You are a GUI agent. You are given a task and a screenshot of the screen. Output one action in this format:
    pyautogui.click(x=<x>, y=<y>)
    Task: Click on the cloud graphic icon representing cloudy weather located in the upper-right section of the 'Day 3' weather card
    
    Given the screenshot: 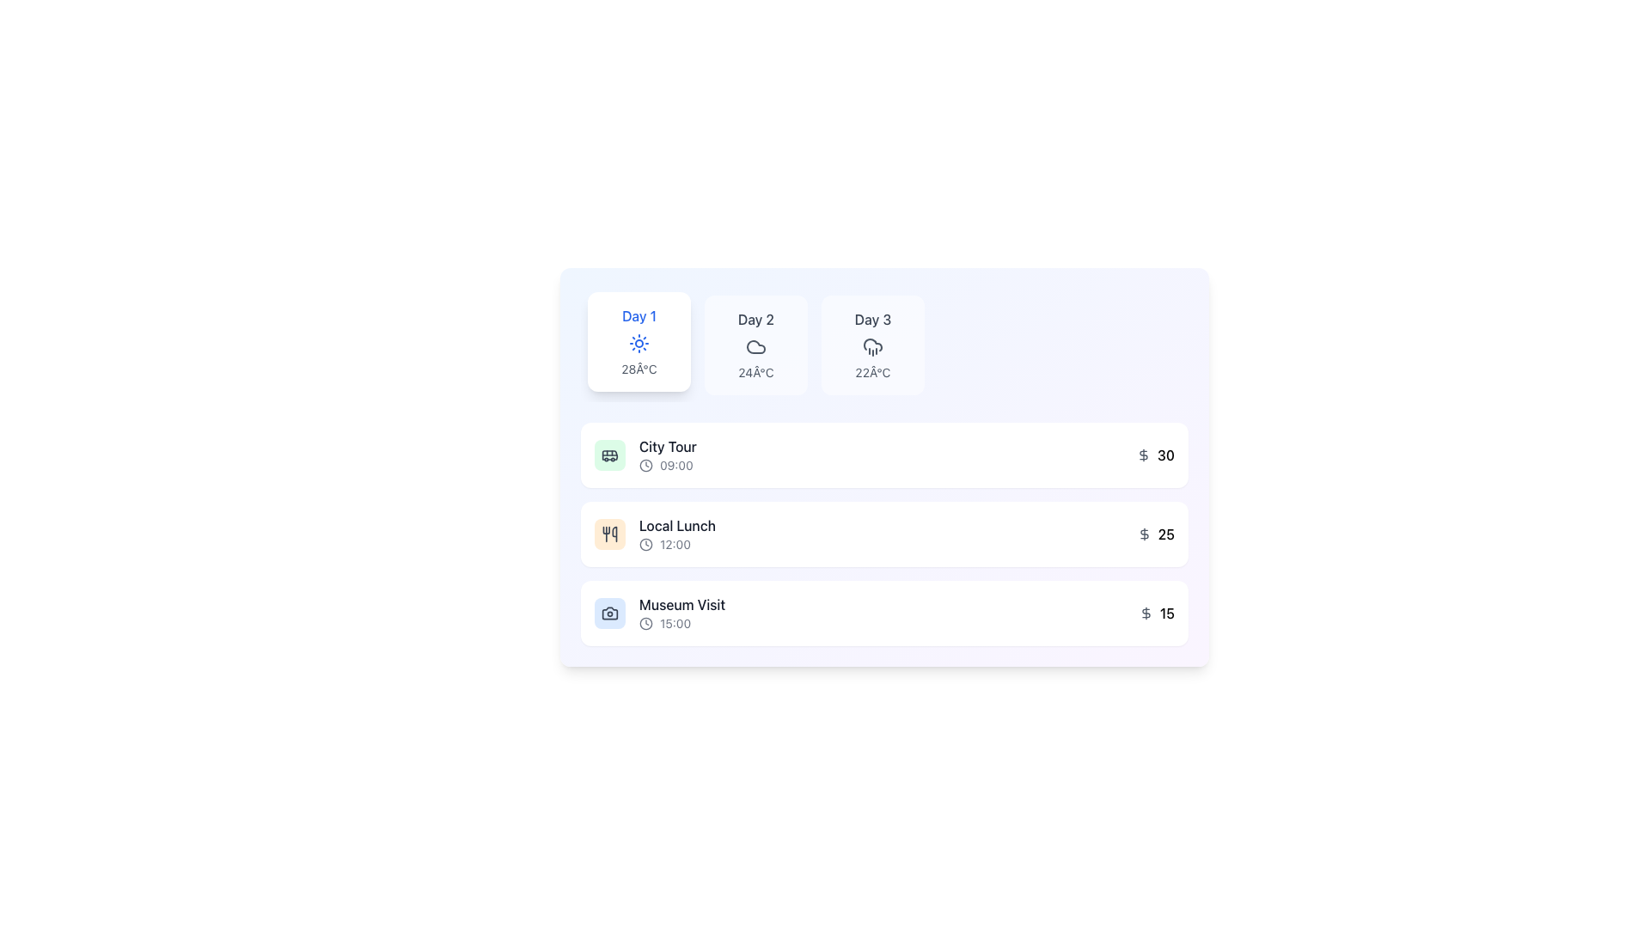 What is the action you would take?
    pyautogui.click(x=755, y=347)
    